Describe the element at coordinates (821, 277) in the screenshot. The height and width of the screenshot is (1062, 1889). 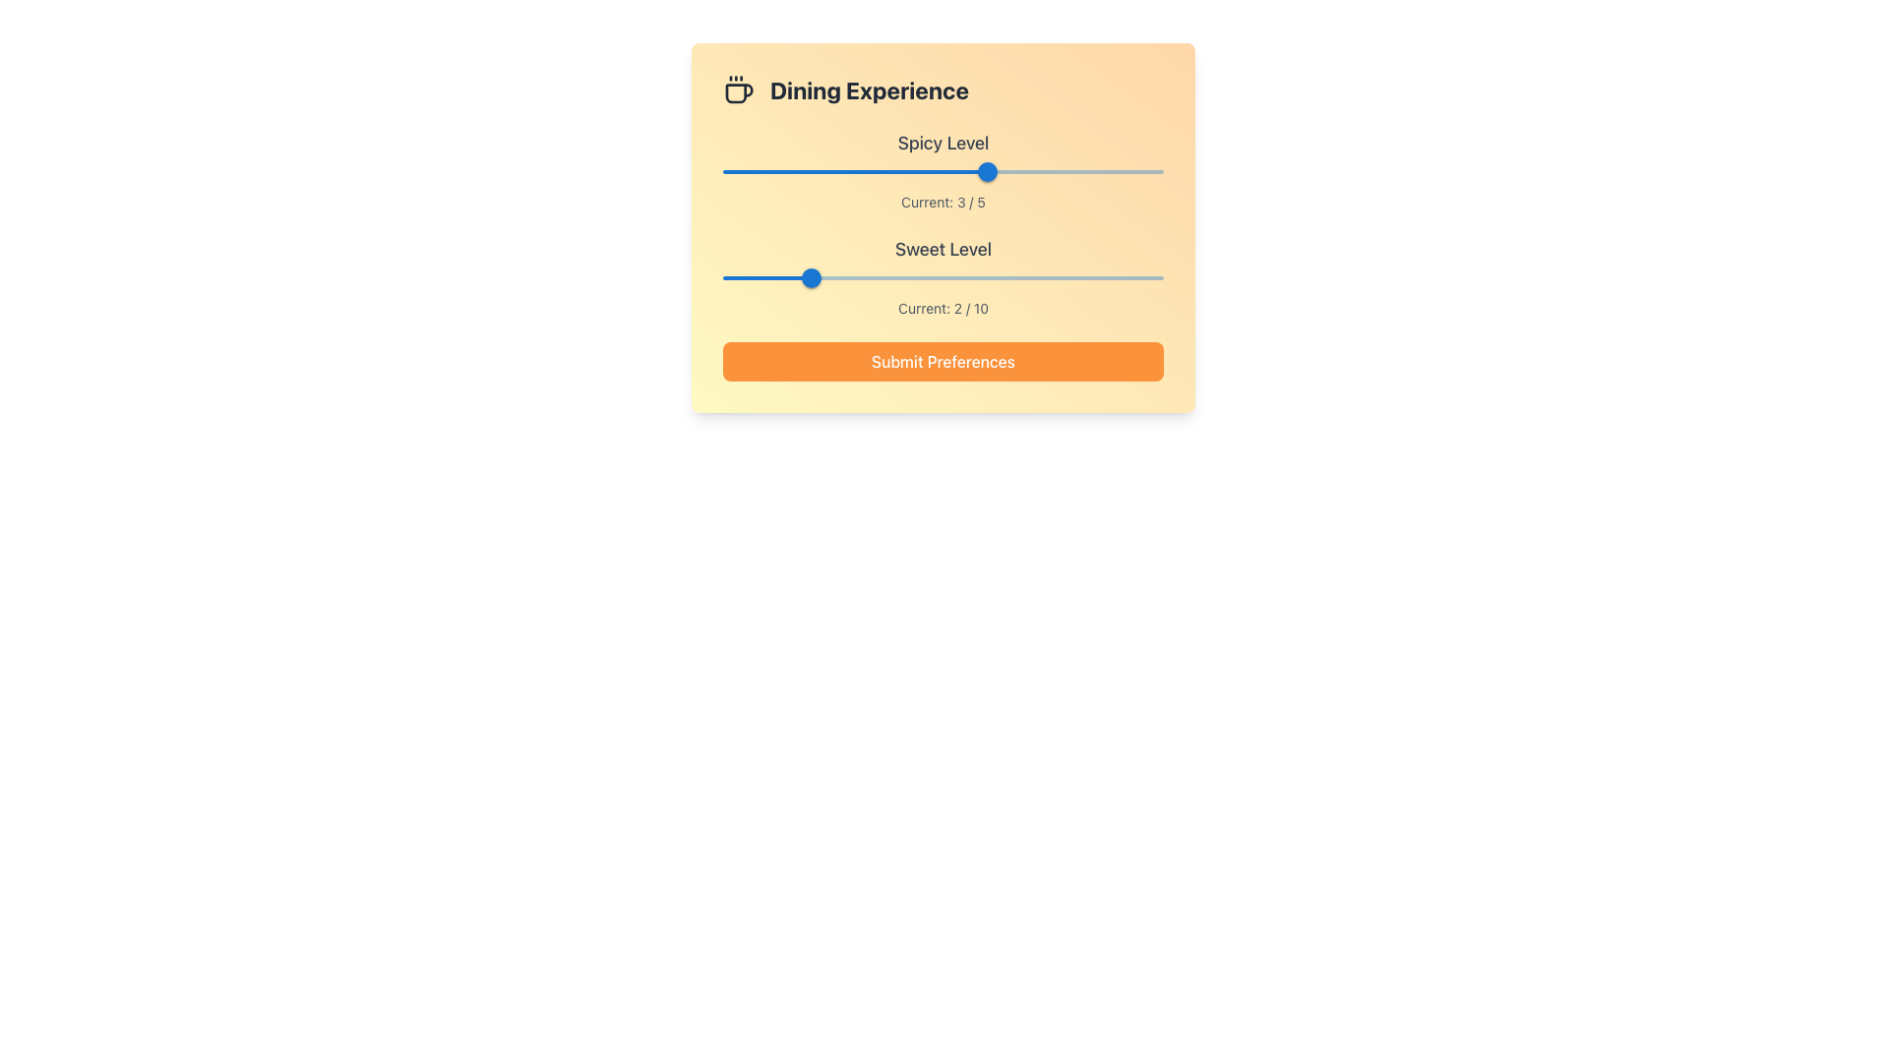
I see `the sweet level` at that location.